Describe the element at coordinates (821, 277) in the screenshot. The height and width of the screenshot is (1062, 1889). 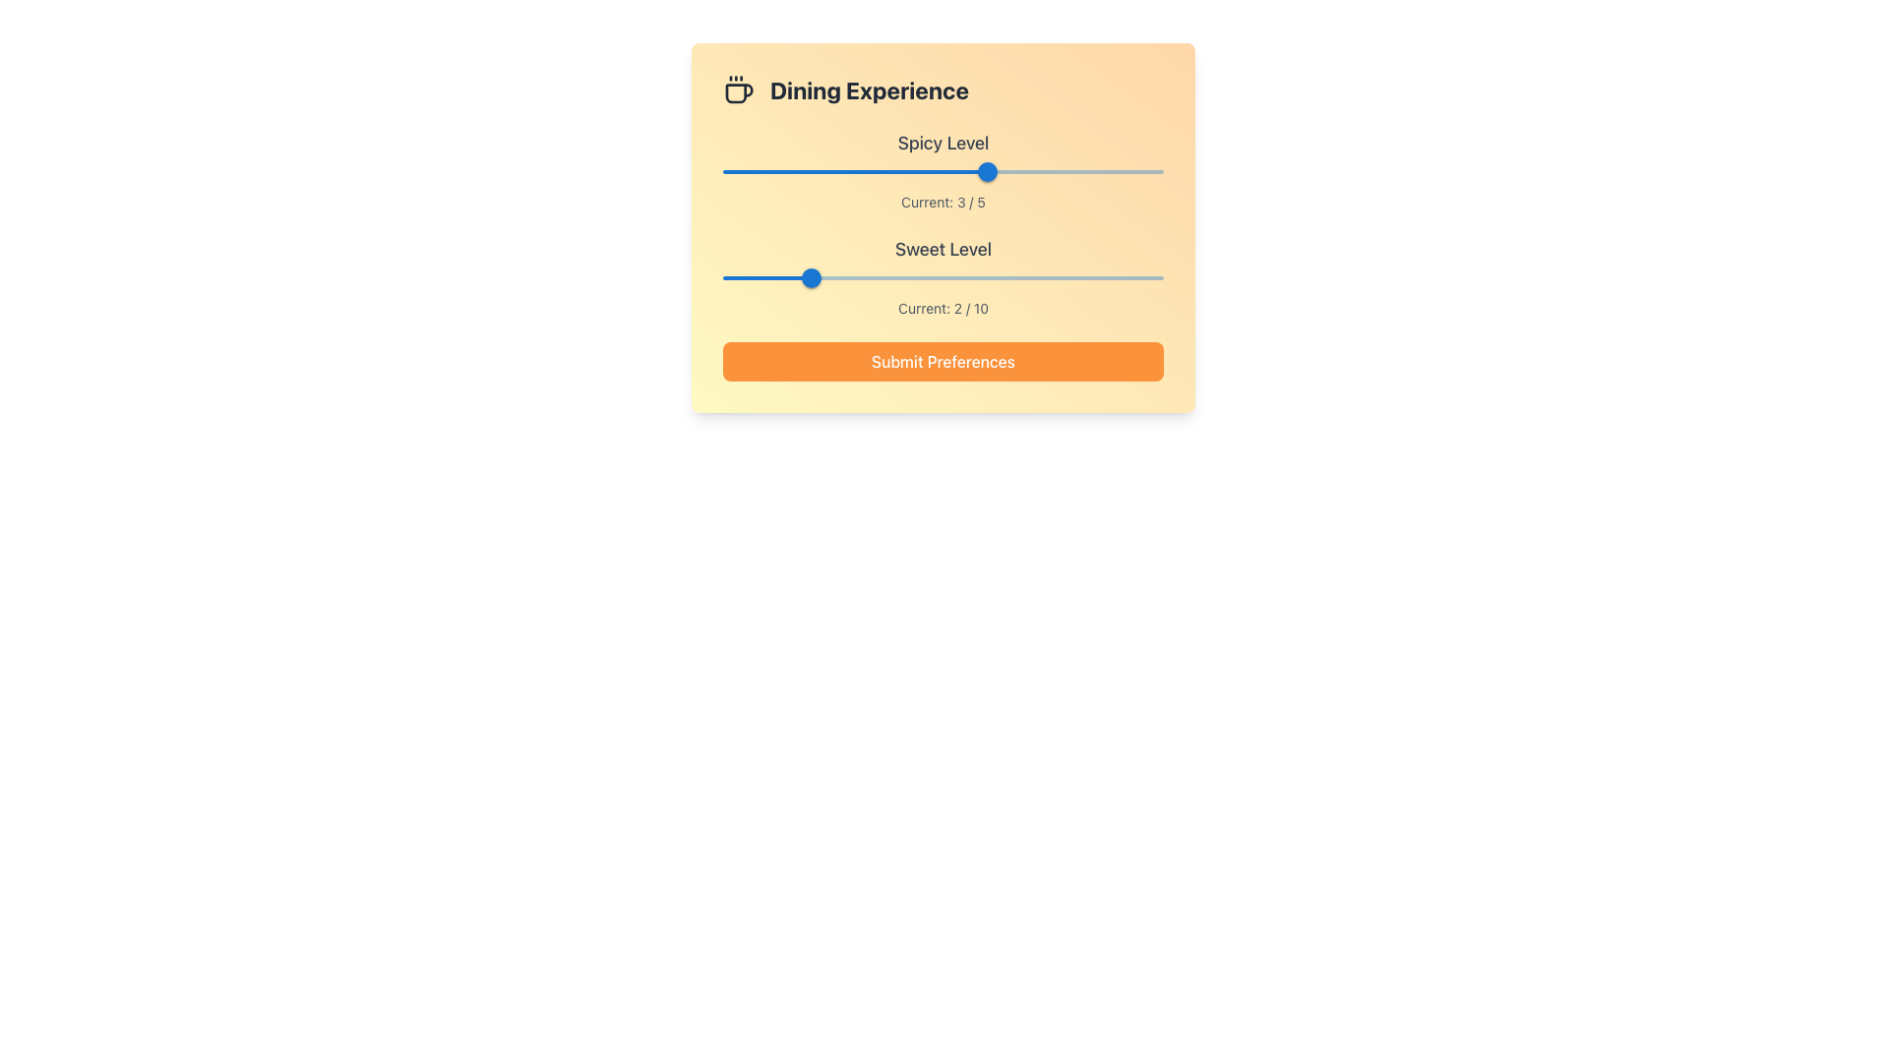
I see `the sweet level` at that location.